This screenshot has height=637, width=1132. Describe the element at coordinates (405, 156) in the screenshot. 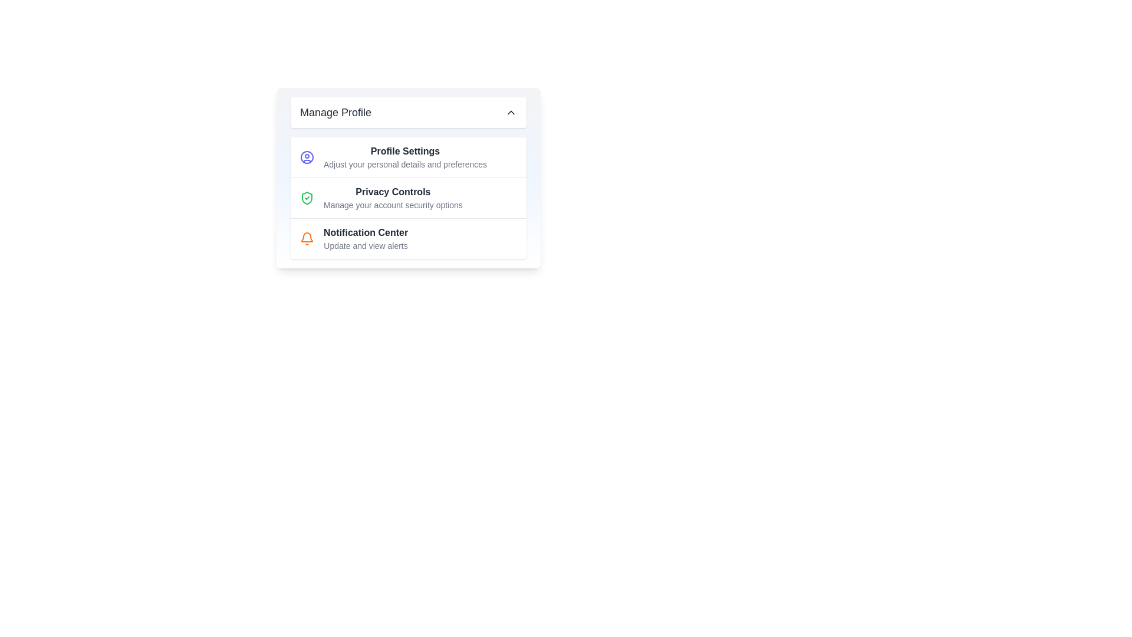

I see `the 'Profile Settings' text block for accessibility navigation. This text block is styled with bold black font for the title and smaller gray font for the description, positioned within the 'Manage Profile' menu list` at that location.